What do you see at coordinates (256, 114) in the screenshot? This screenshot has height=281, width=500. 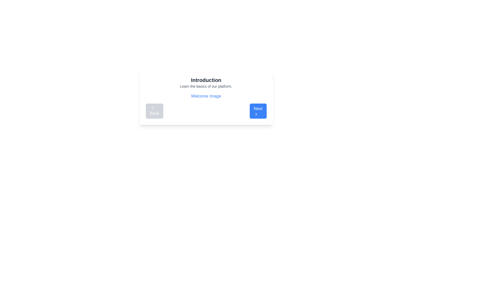 I see `the chevron icon located within the 'Next' button` at bounding box center [256, 114].